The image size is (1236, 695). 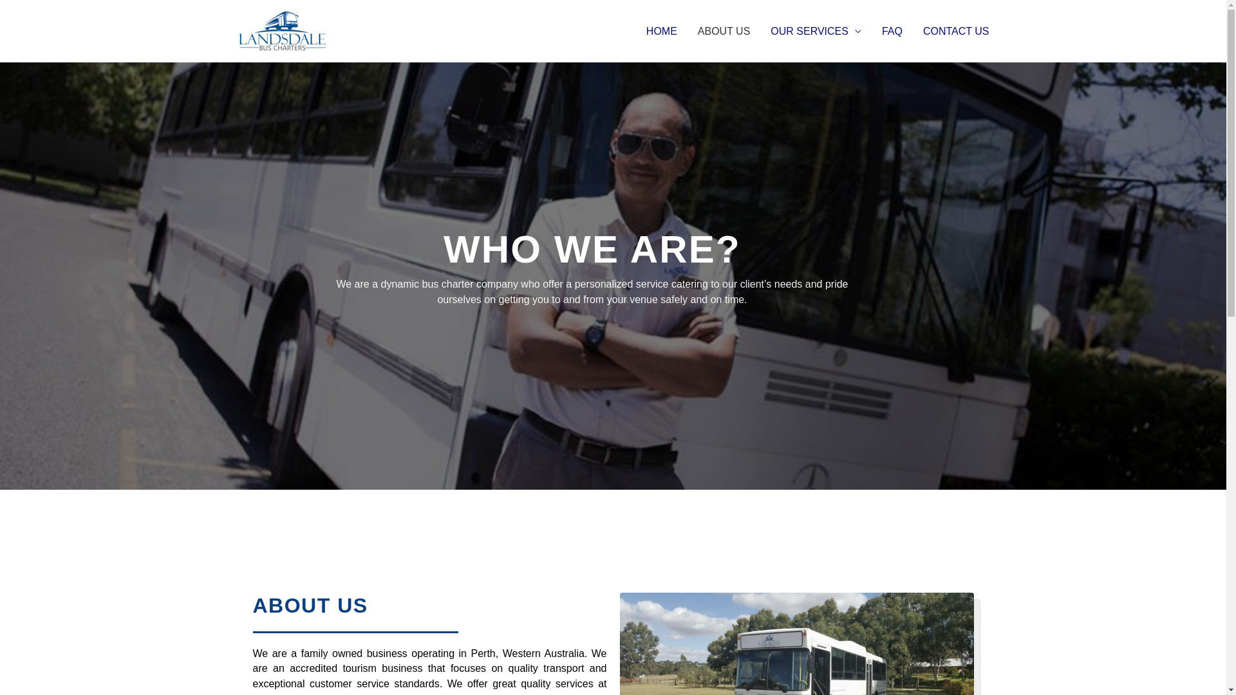 I want to click on 'HOME', so click(x=661, y=30).